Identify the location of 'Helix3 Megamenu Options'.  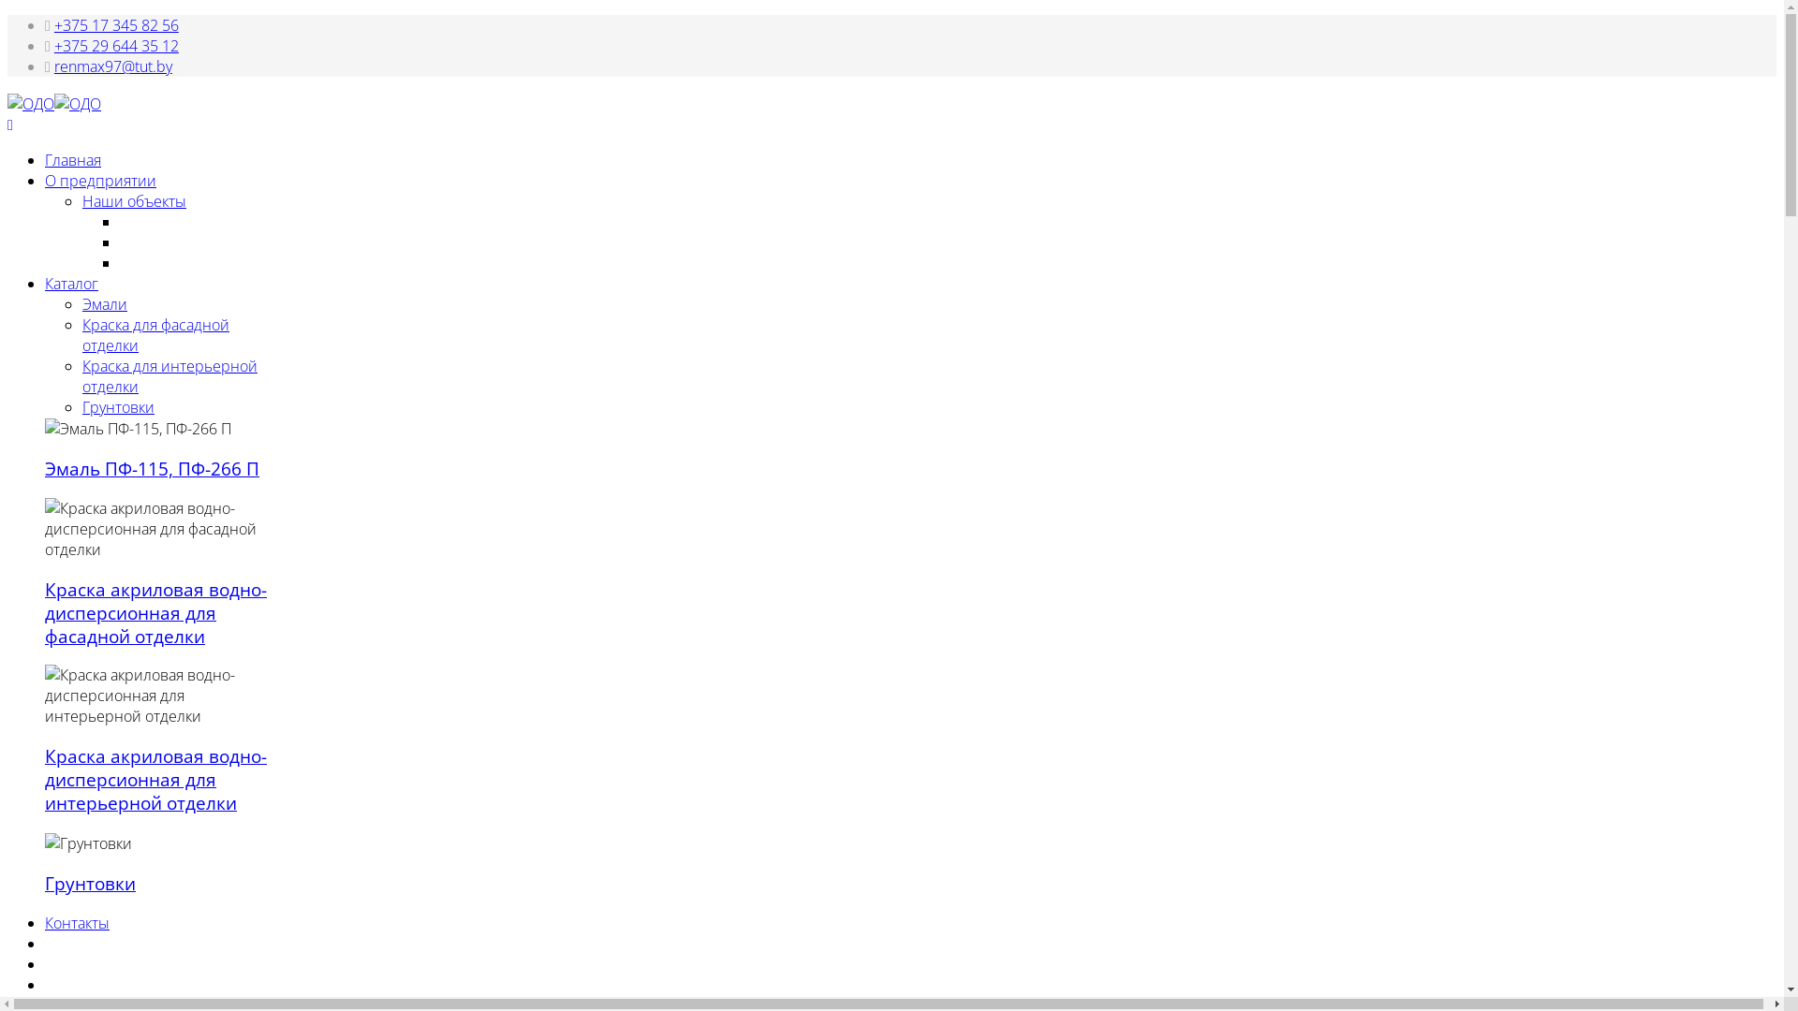
(7, 125).